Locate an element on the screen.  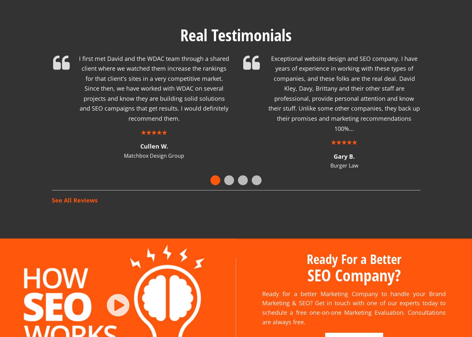
'Gary B.' is located at coordinates (344, 148).